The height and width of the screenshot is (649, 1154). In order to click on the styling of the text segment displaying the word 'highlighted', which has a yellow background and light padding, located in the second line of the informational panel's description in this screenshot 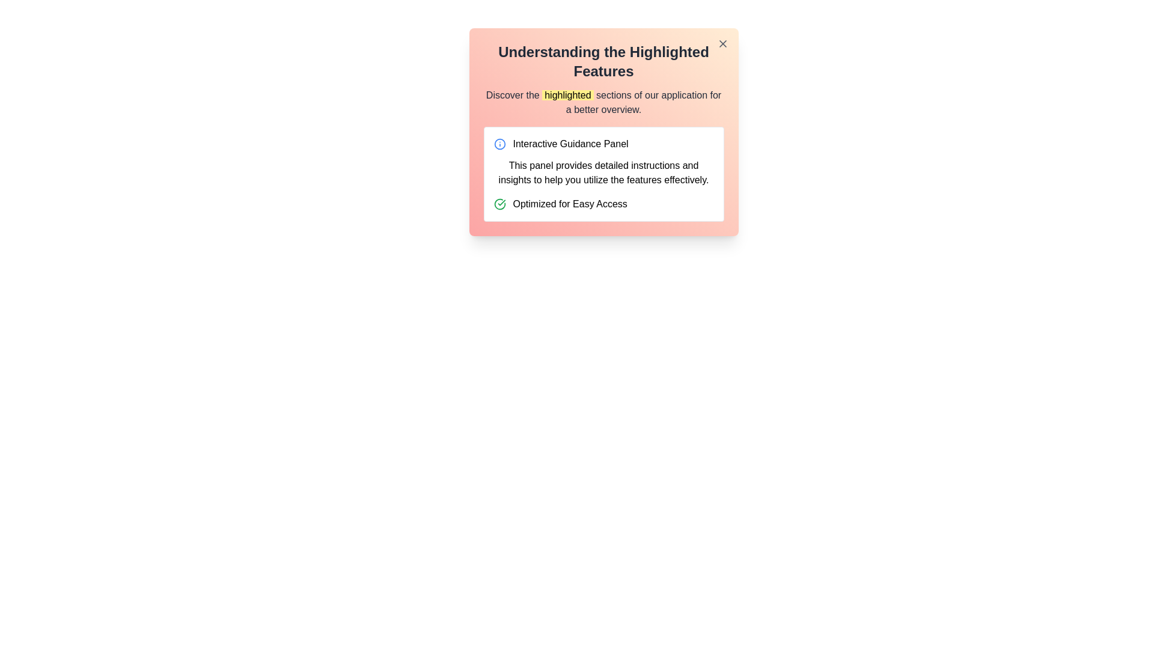, I will do `click(567, 94)`.